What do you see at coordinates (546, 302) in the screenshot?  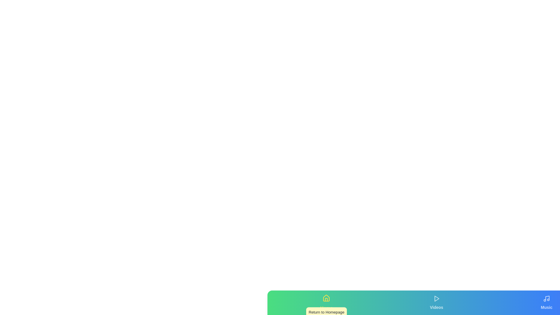 I see `the tab labeled Music to navigate to its related content` at bounding box center [546, 302].